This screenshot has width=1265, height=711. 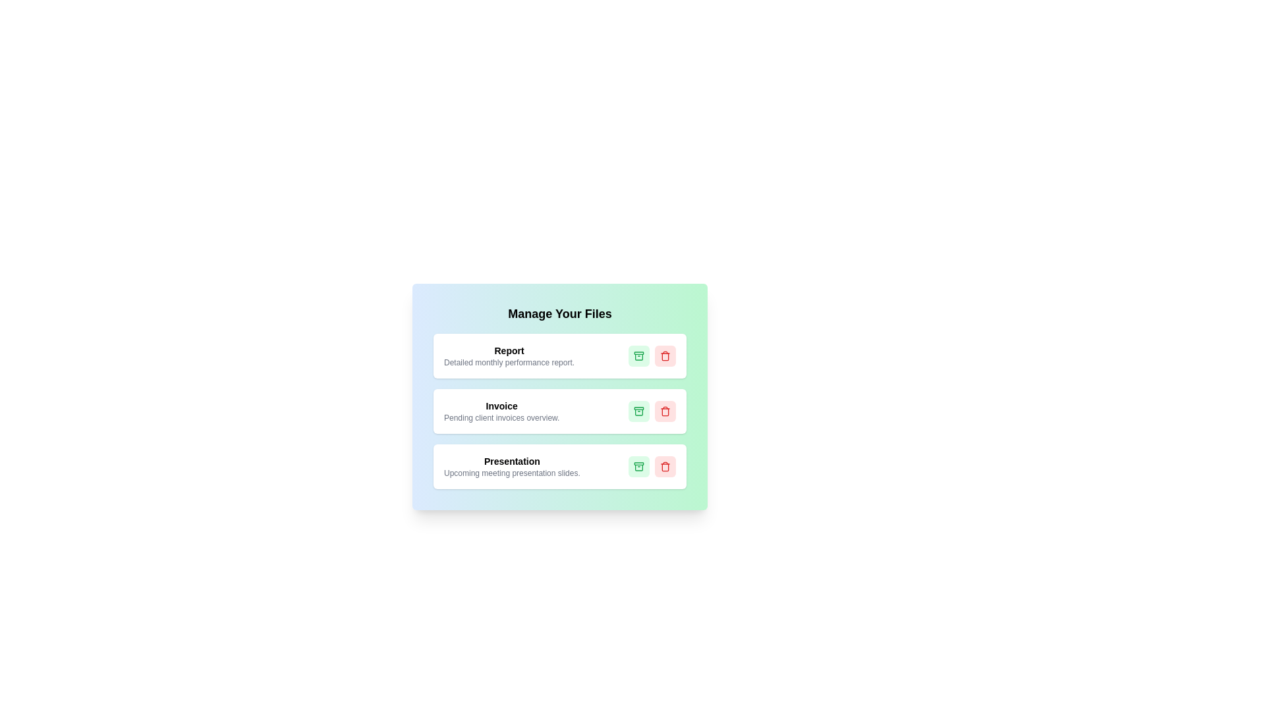 I want to click on the card titled Presentation to observe the visual feedback, so click(x=559, y=466).